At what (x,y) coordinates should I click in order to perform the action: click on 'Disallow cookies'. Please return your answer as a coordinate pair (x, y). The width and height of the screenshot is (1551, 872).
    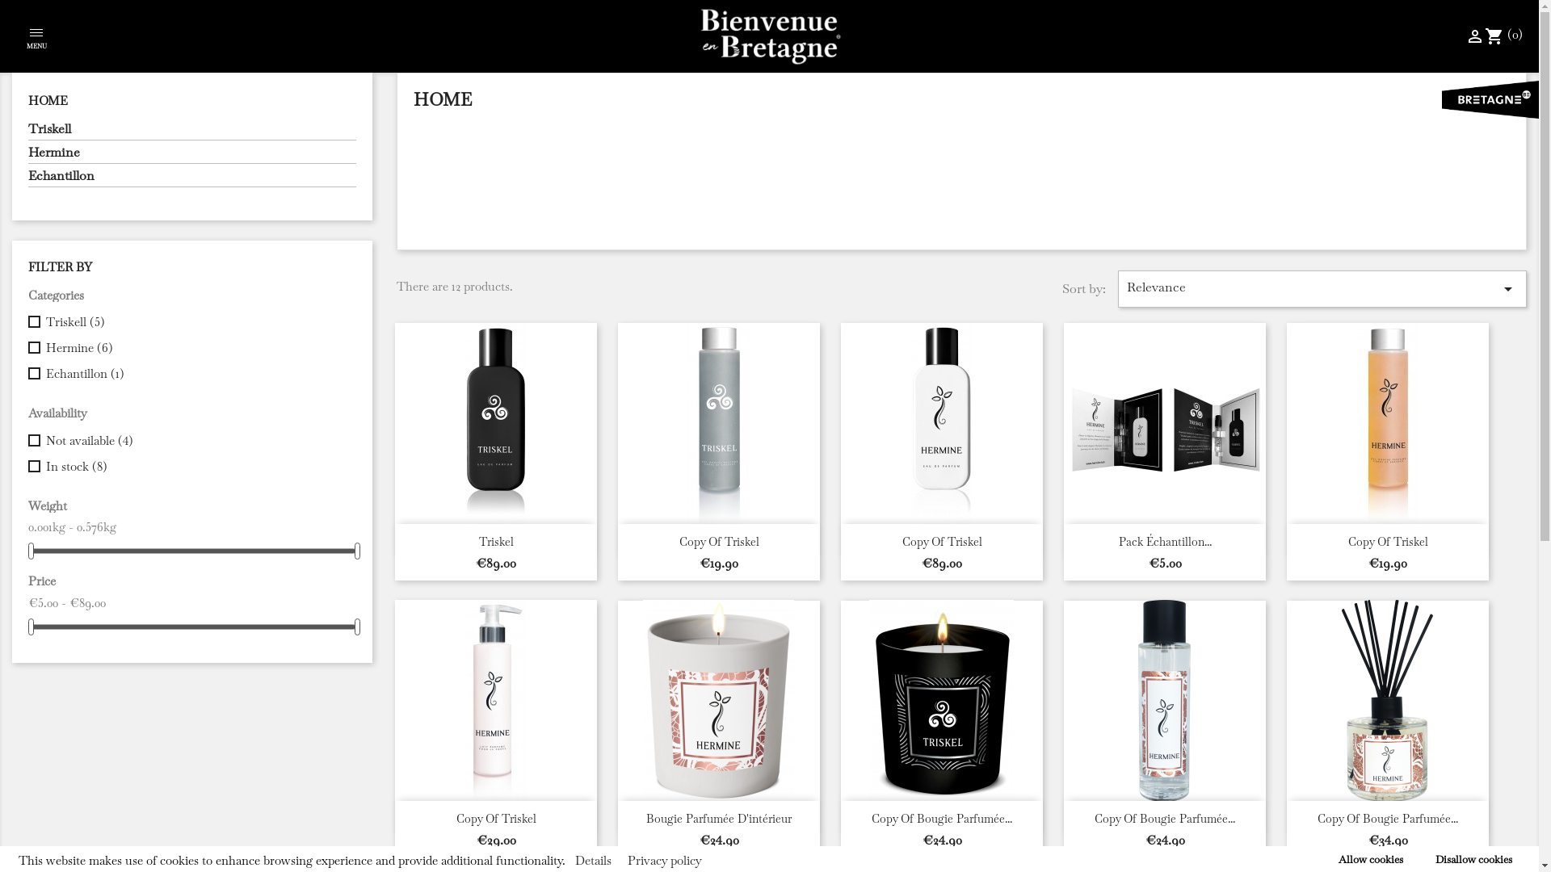
    Looking at the image, I should click on (1473, 858).